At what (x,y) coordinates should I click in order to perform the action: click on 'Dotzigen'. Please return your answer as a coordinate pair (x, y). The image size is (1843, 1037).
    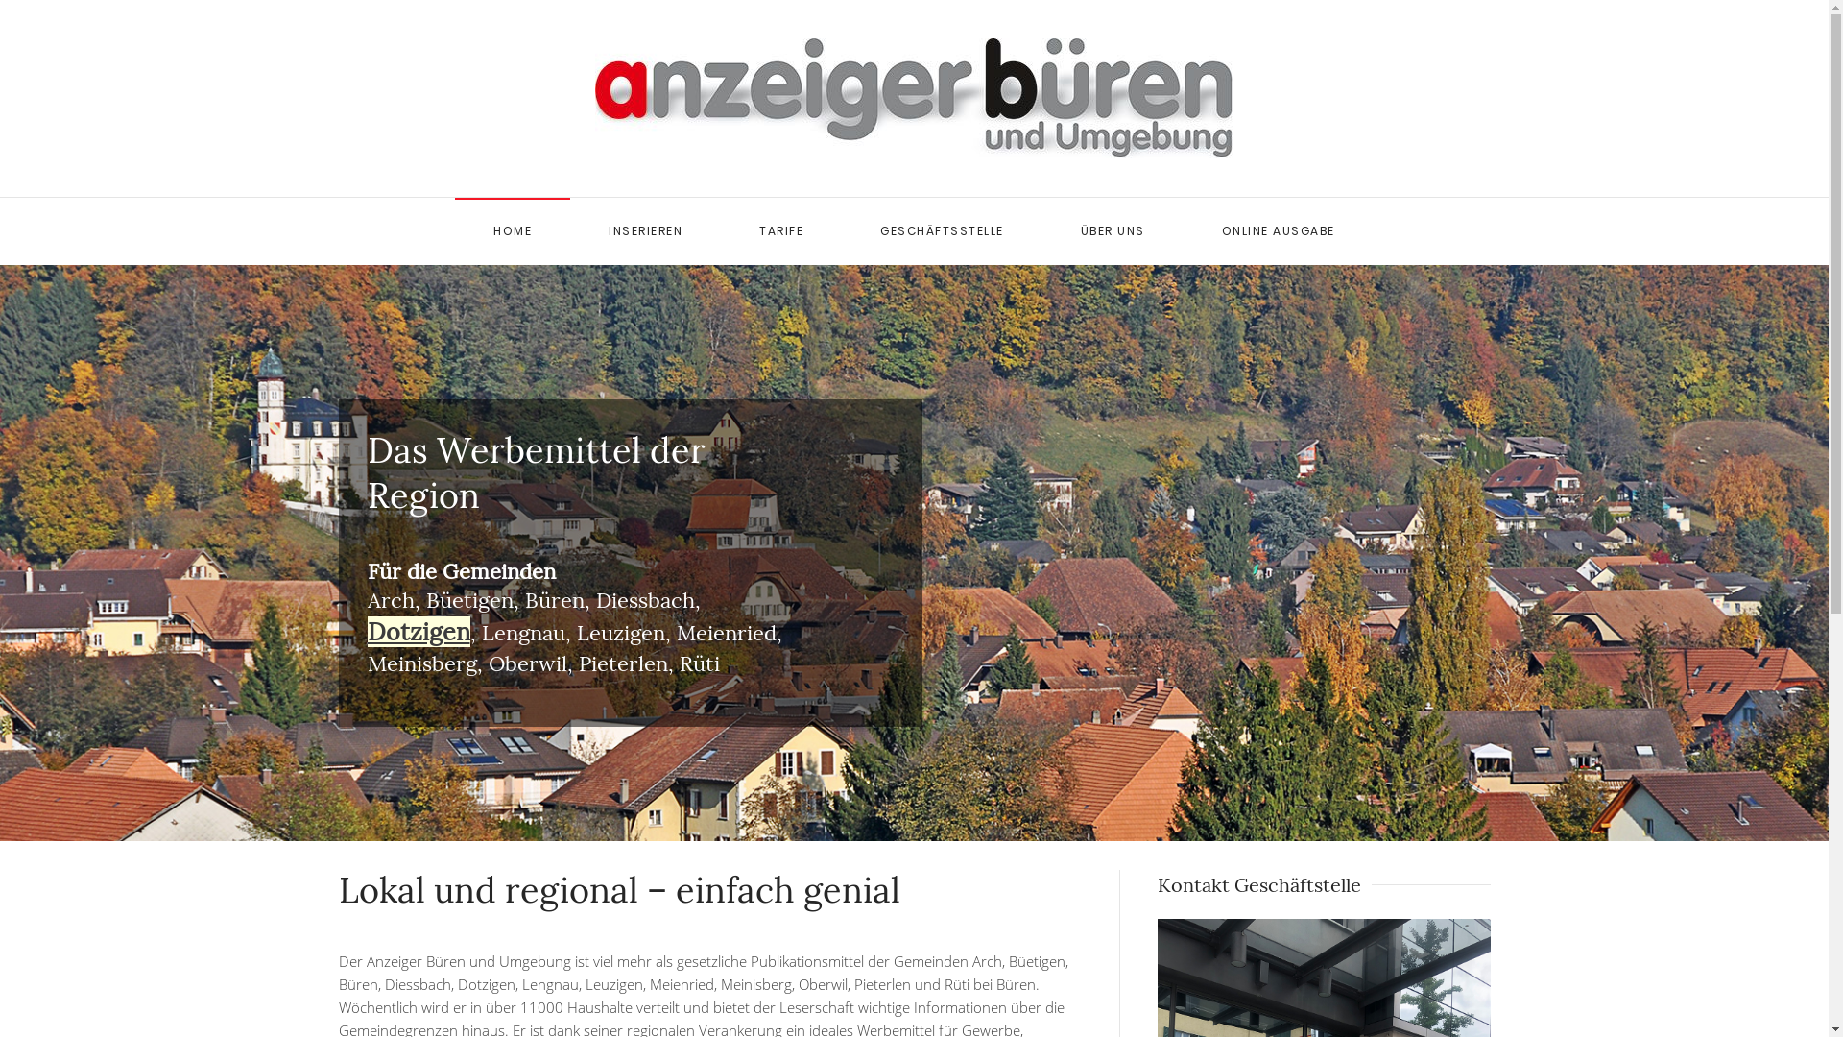
    Looking at the image, I should click on (417, 633).